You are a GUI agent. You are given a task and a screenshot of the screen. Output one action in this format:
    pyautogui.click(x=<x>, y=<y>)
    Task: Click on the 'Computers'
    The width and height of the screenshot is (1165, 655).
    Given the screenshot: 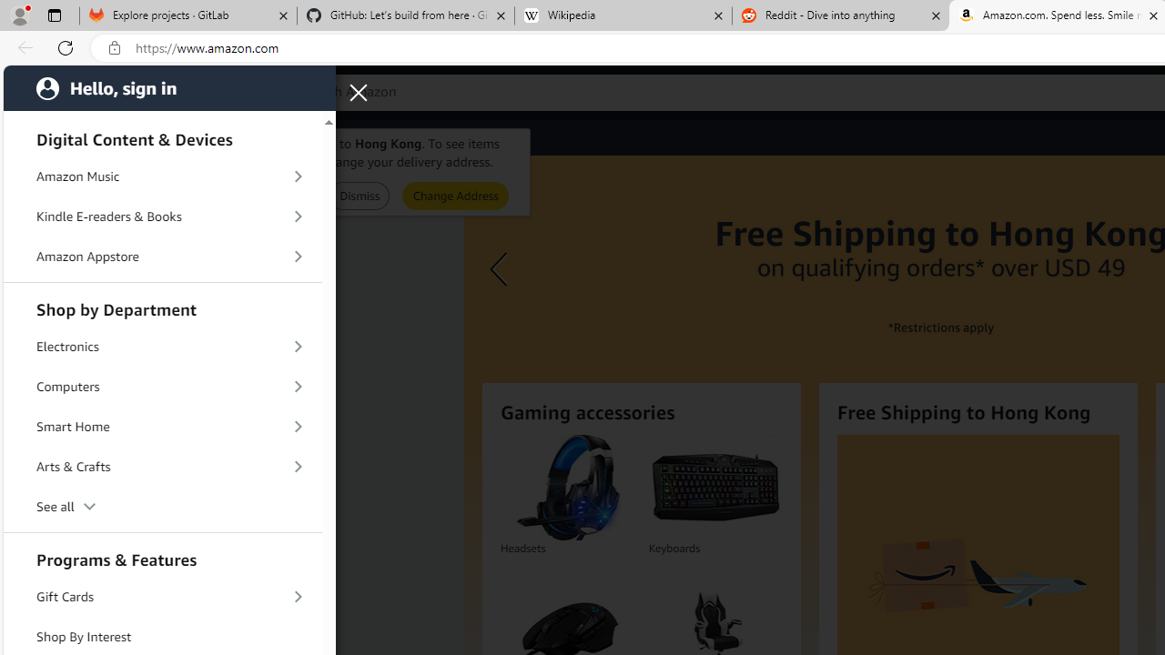 What is the action you would take?
    pyautogui.click(x=163, y=385)
    